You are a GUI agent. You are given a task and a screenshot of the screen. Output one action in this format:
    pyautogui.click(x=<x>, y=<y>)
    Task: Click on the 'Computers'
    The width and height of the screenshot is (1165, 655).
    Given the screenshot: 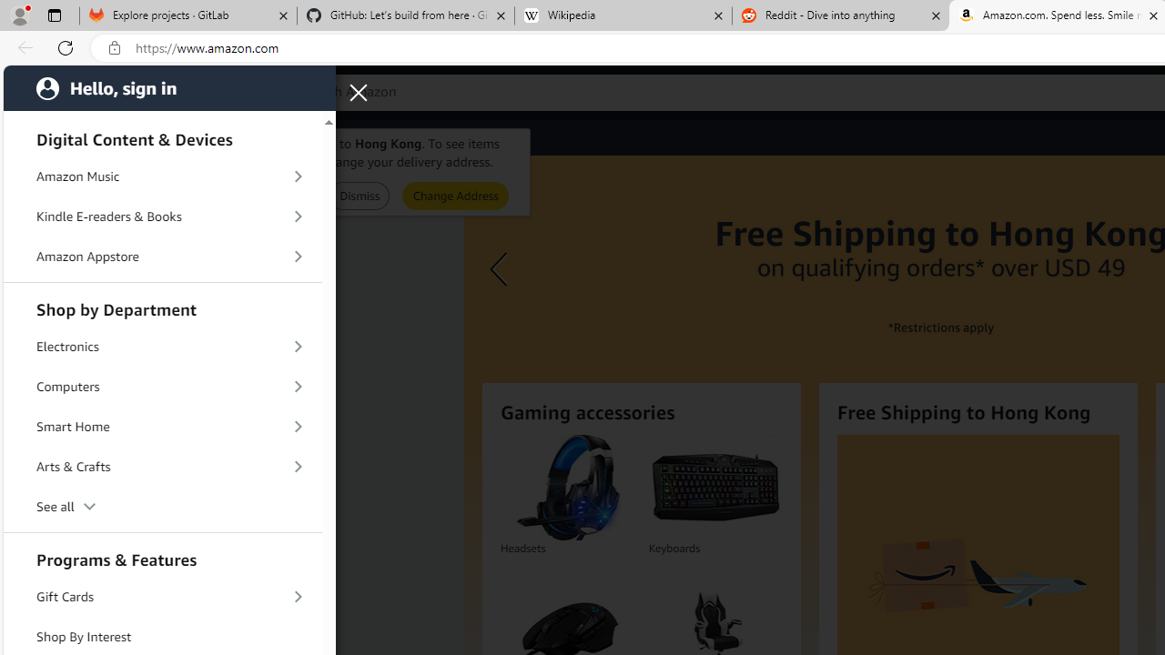 What is the action you would take?
    pyautogui.click(x=163, y=385)
    